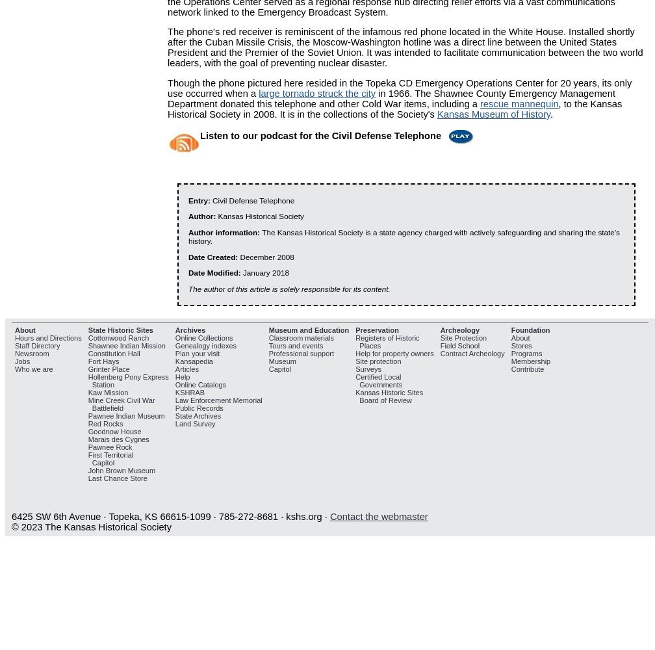  I want to click on 'Museum and Education', so click(268, 330).